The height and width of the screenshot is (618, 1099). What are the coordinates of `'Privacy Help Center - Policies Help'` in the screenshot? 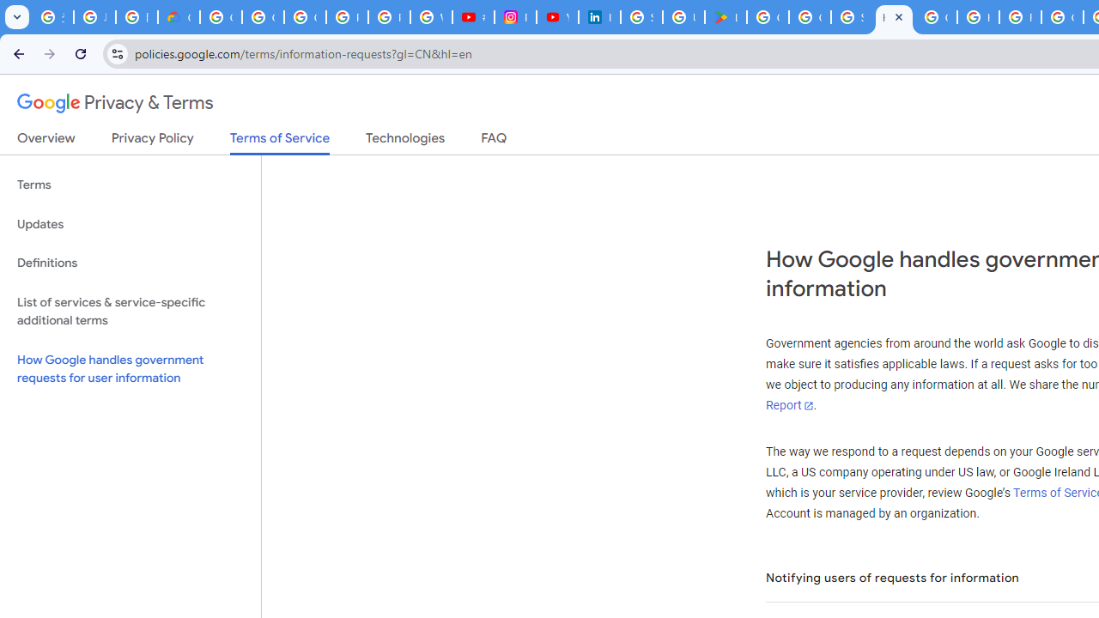 It's located at (388, 17).